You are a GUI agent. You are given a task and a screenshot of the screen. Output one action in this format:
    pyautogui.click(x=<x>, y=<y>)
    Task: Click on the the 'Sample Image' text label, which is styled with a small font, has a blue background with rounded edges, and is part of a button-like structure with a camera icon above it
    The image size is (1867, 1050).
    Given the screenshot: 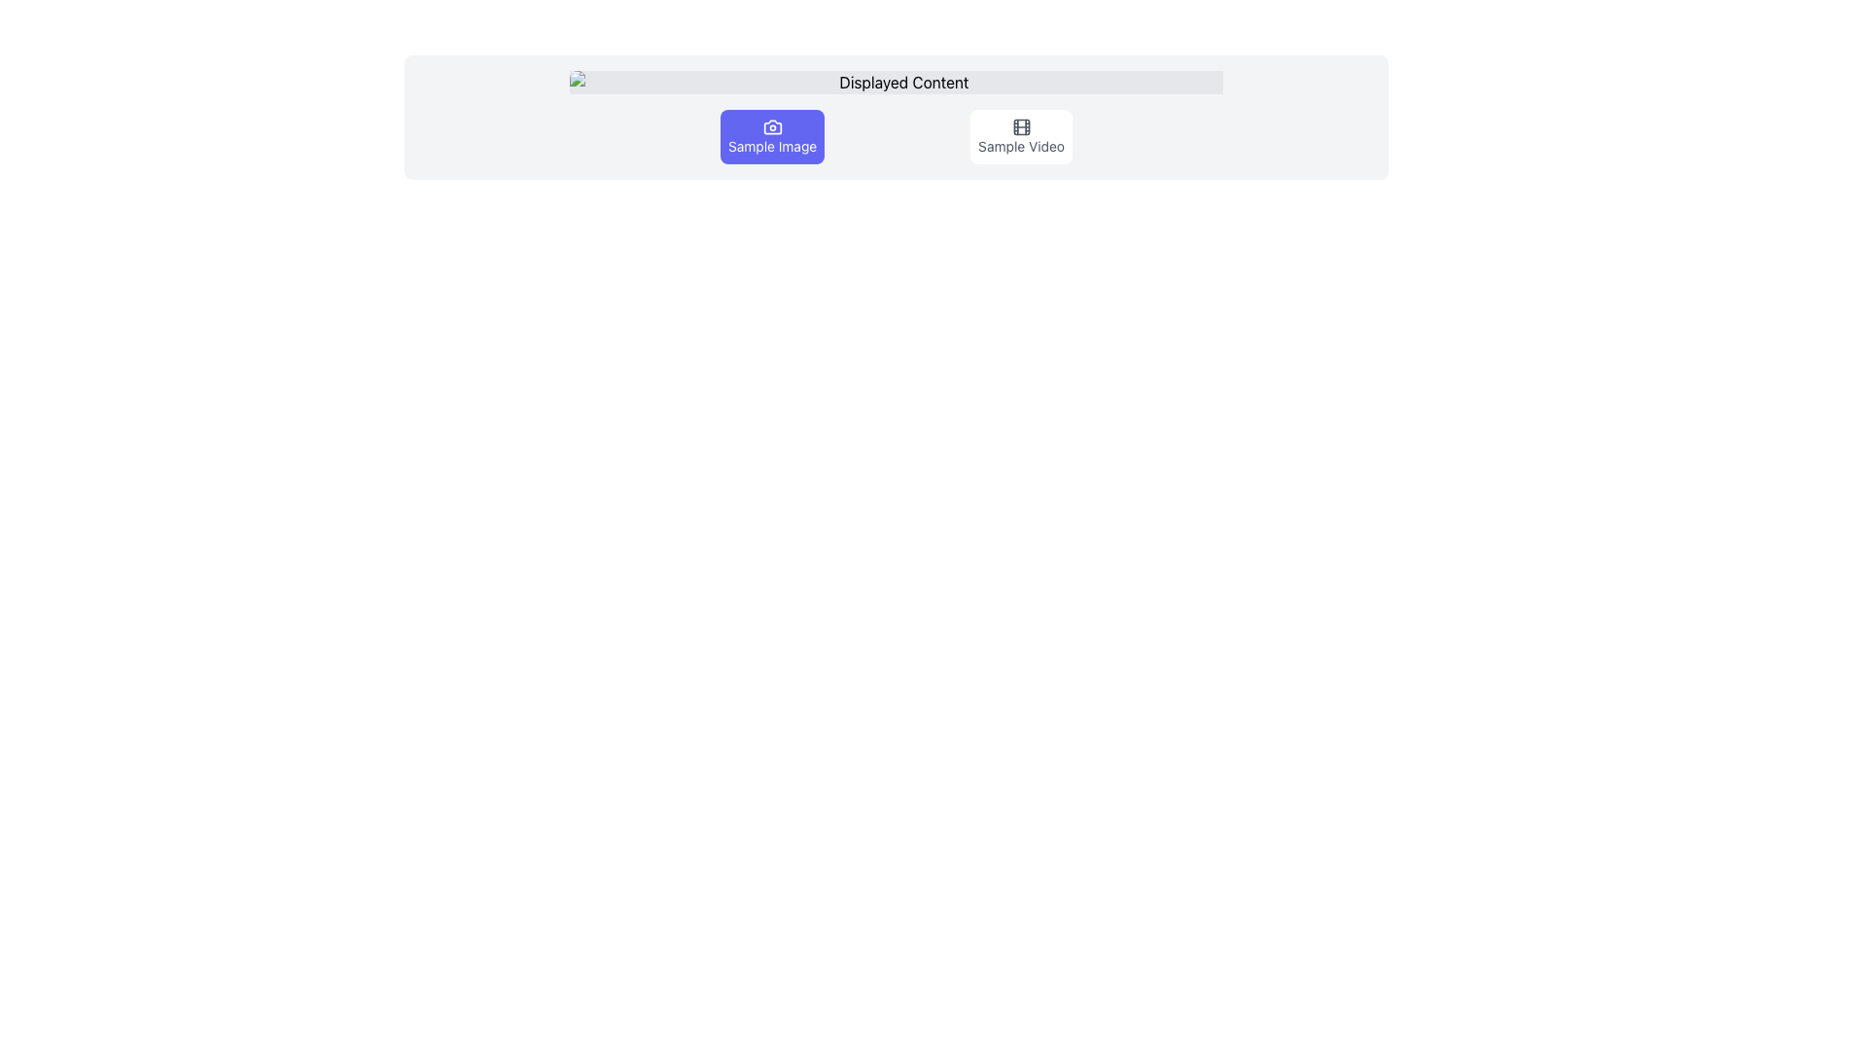 What is the action you would take?
    pyautogui.click(x=771, y=145)
    